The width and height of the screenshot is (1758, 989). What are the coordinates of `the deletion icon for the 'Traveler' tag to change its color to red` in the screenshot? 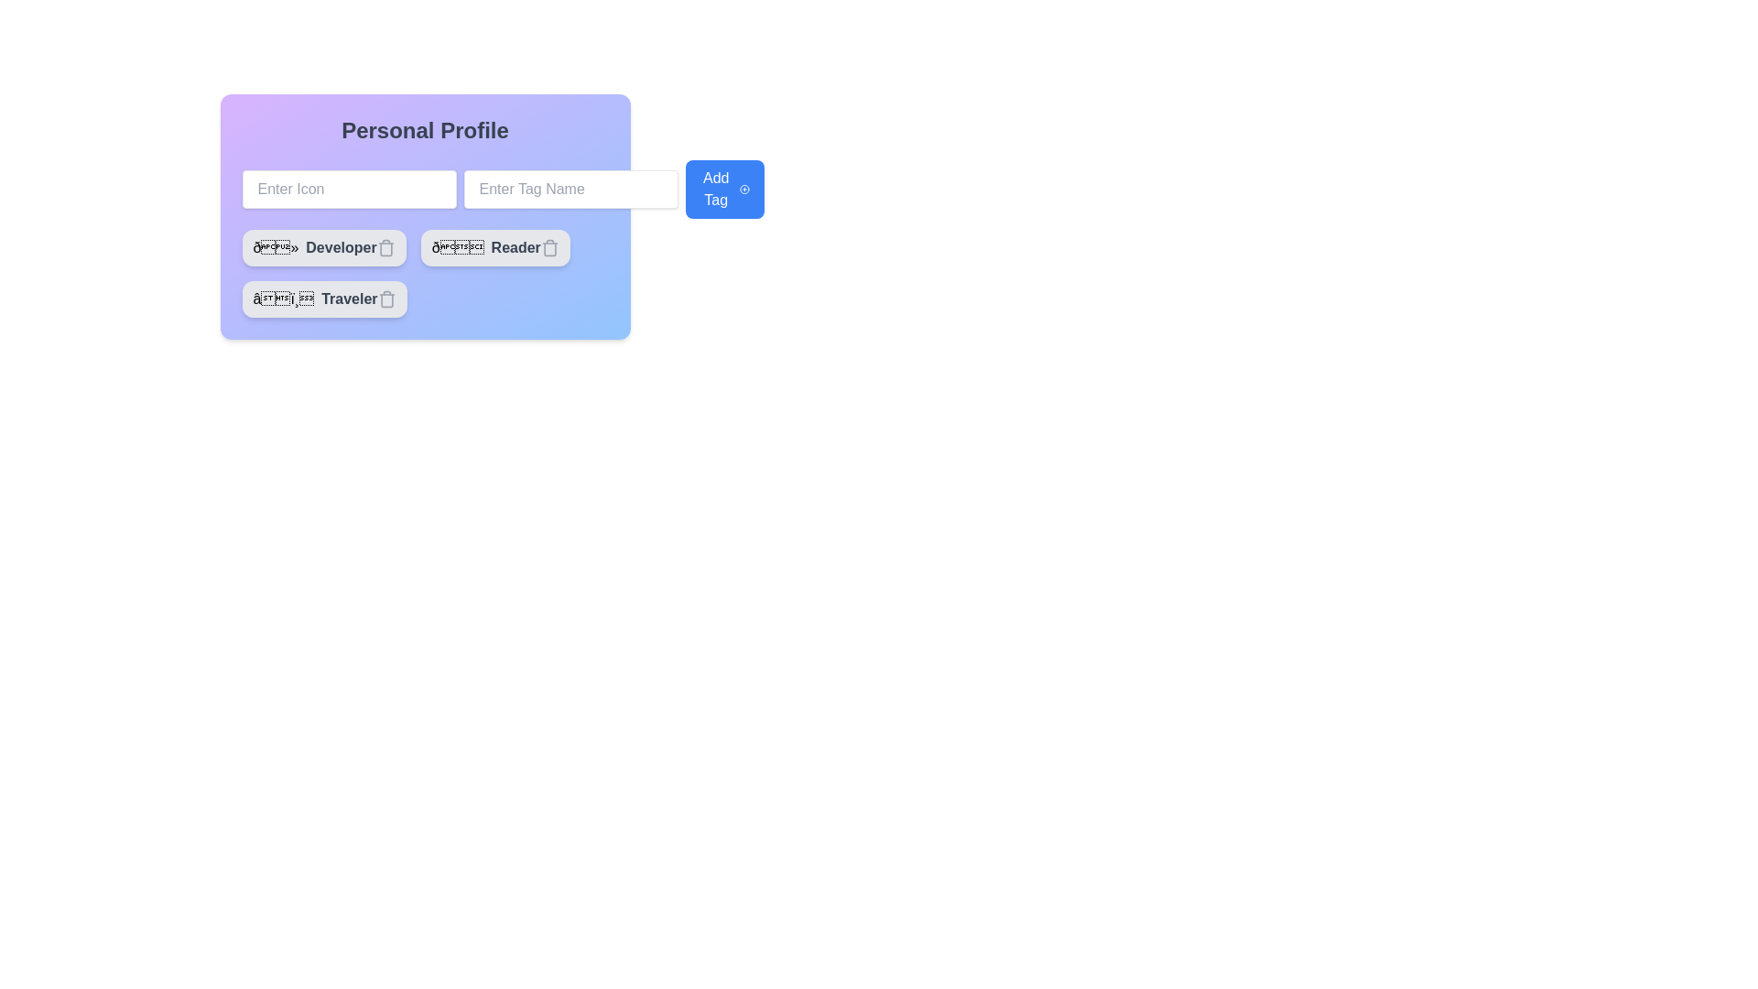 It's located at (385, 299).